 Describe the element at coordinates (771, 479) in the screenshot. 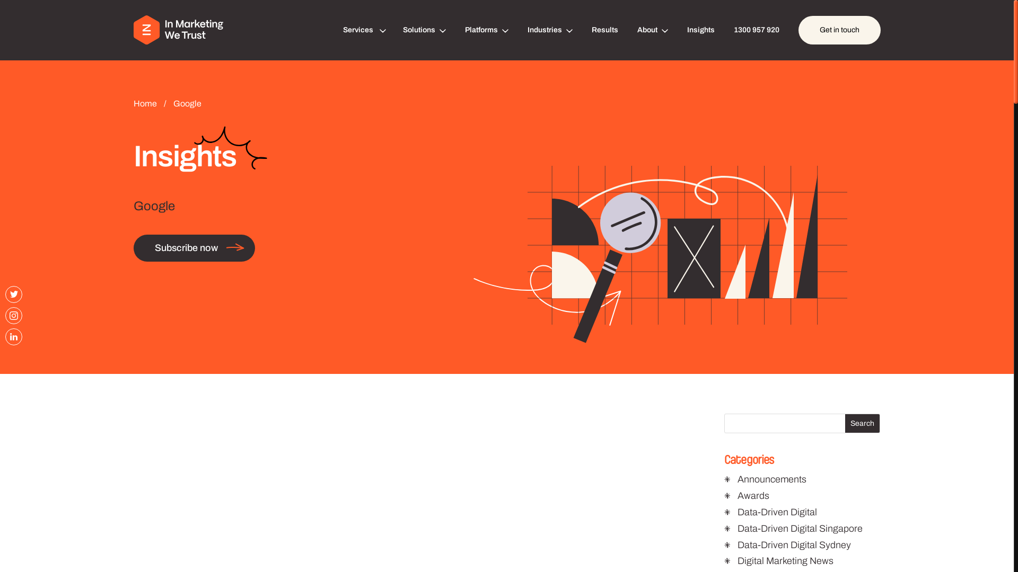

I see `'Announcements'` at that location.